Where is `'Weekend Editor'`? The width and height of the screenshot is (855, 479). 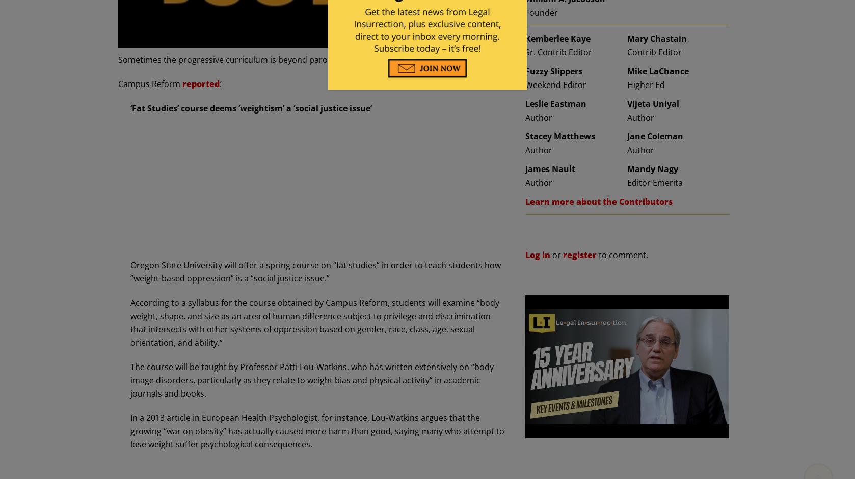 'Weekend Editor' is located at coordinates (556, 84).